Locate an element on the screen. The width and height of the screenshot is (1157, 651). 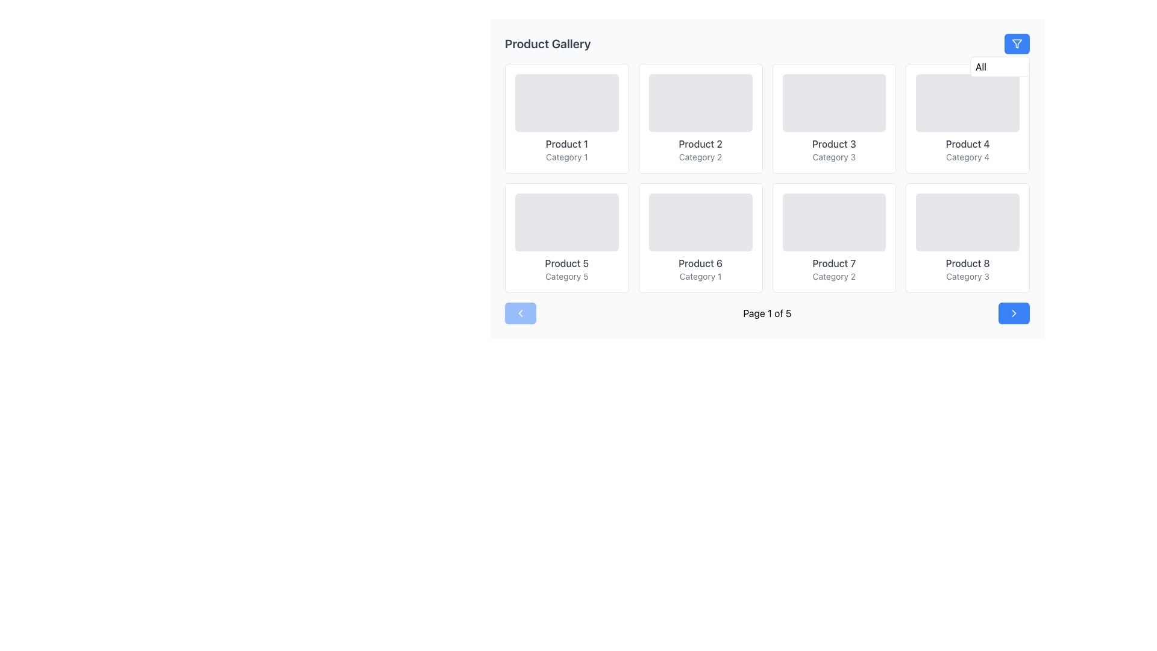
the rectangular placeholder with a light gray background, rounded corners, located within the product gallery for 'Product 8' in 'Category 3' is located at coordinates (968, 222).